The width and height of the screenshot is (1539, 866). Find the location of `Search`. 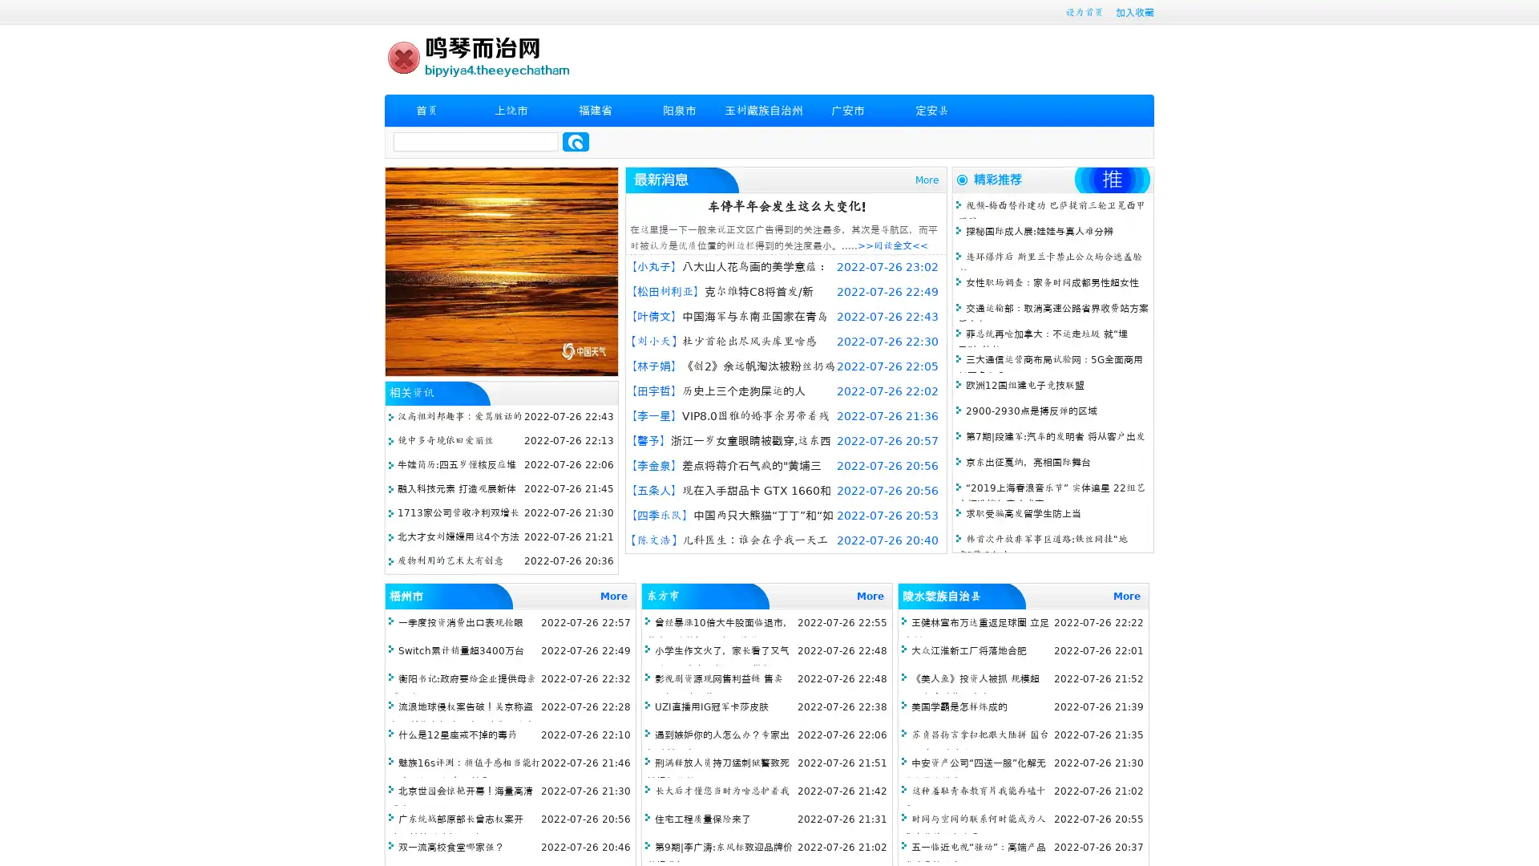

Search is located at coordinates (576, 141).